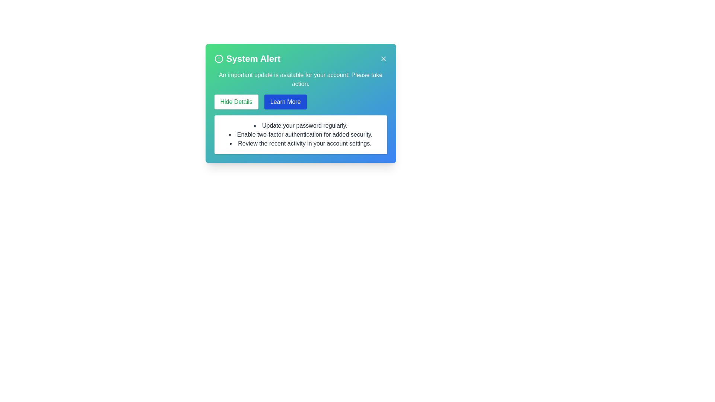  I want to click on the call-to-action button located within the notification modal, which is to the right of the 'Hide Details' button and above the security recommendations list box, so click(301, 103).